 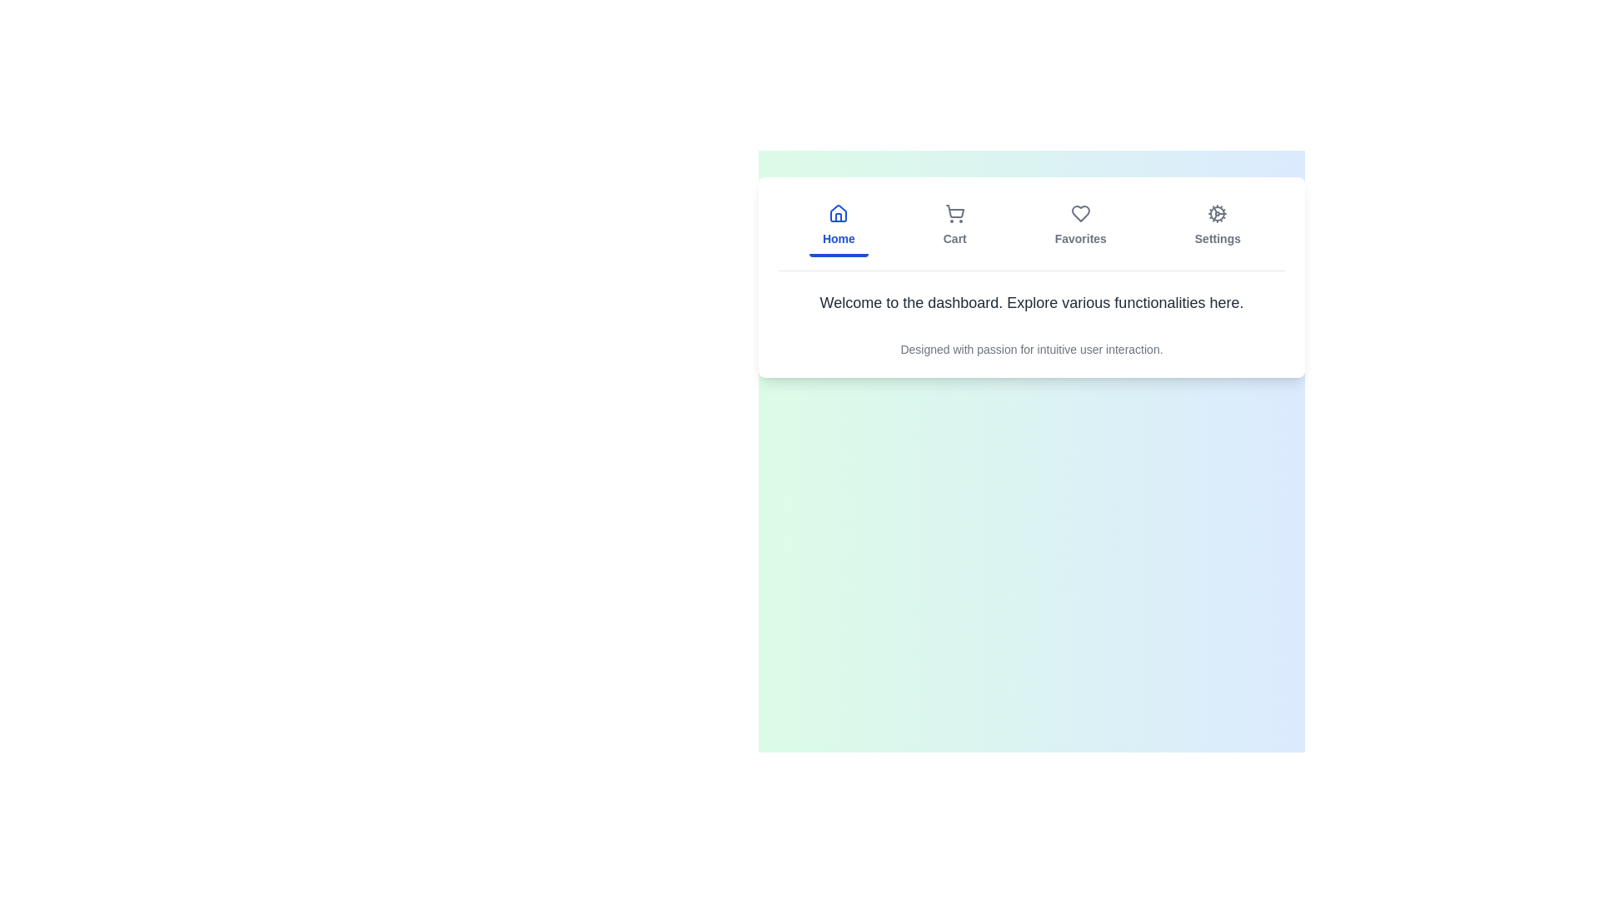 I want to click on text block that is styled in gray and reads, 'Designed with passion for intuitive user interaction.', located below the heading in the card layout, so click(x=1030, y=349).